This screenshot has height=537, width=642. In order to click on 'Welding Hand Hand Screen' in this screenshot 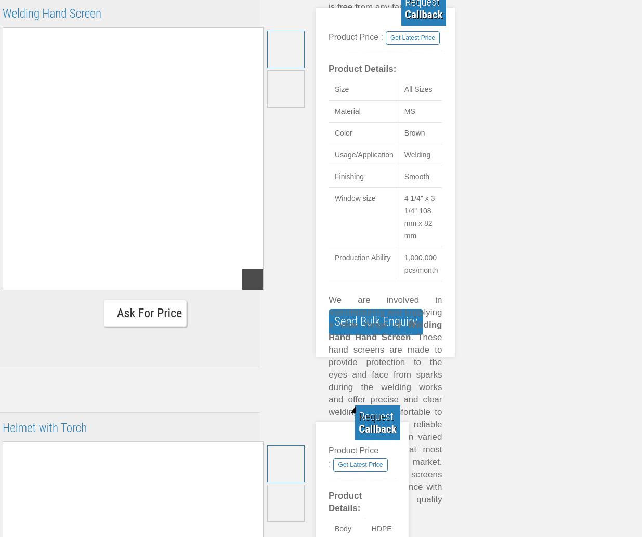, I will do `click(385, 331)`.